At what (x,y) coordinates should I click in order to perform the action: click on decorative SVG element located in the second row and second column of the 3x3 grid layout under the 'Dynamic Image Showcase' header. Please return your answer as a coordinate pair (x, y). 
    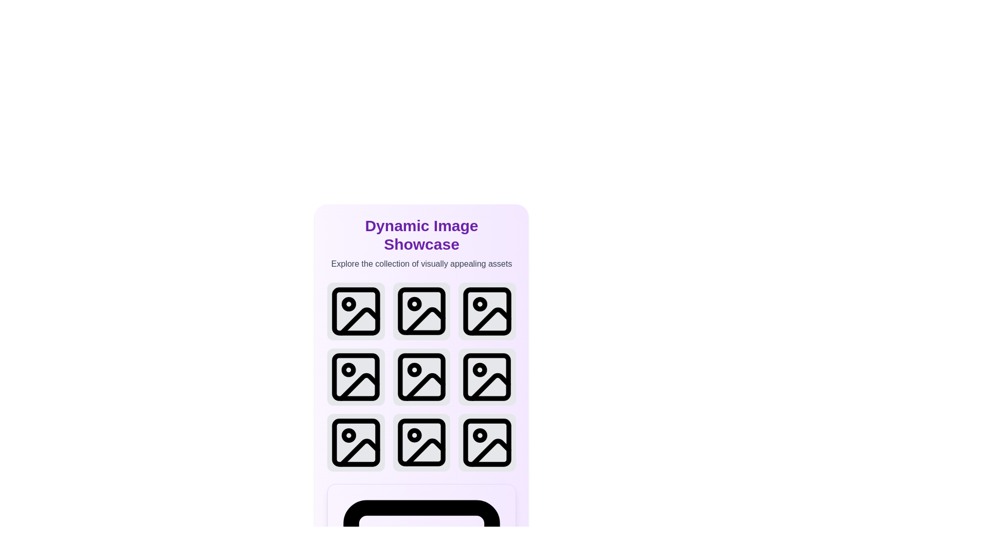
    Looking at the image, I should click on (425, 321).